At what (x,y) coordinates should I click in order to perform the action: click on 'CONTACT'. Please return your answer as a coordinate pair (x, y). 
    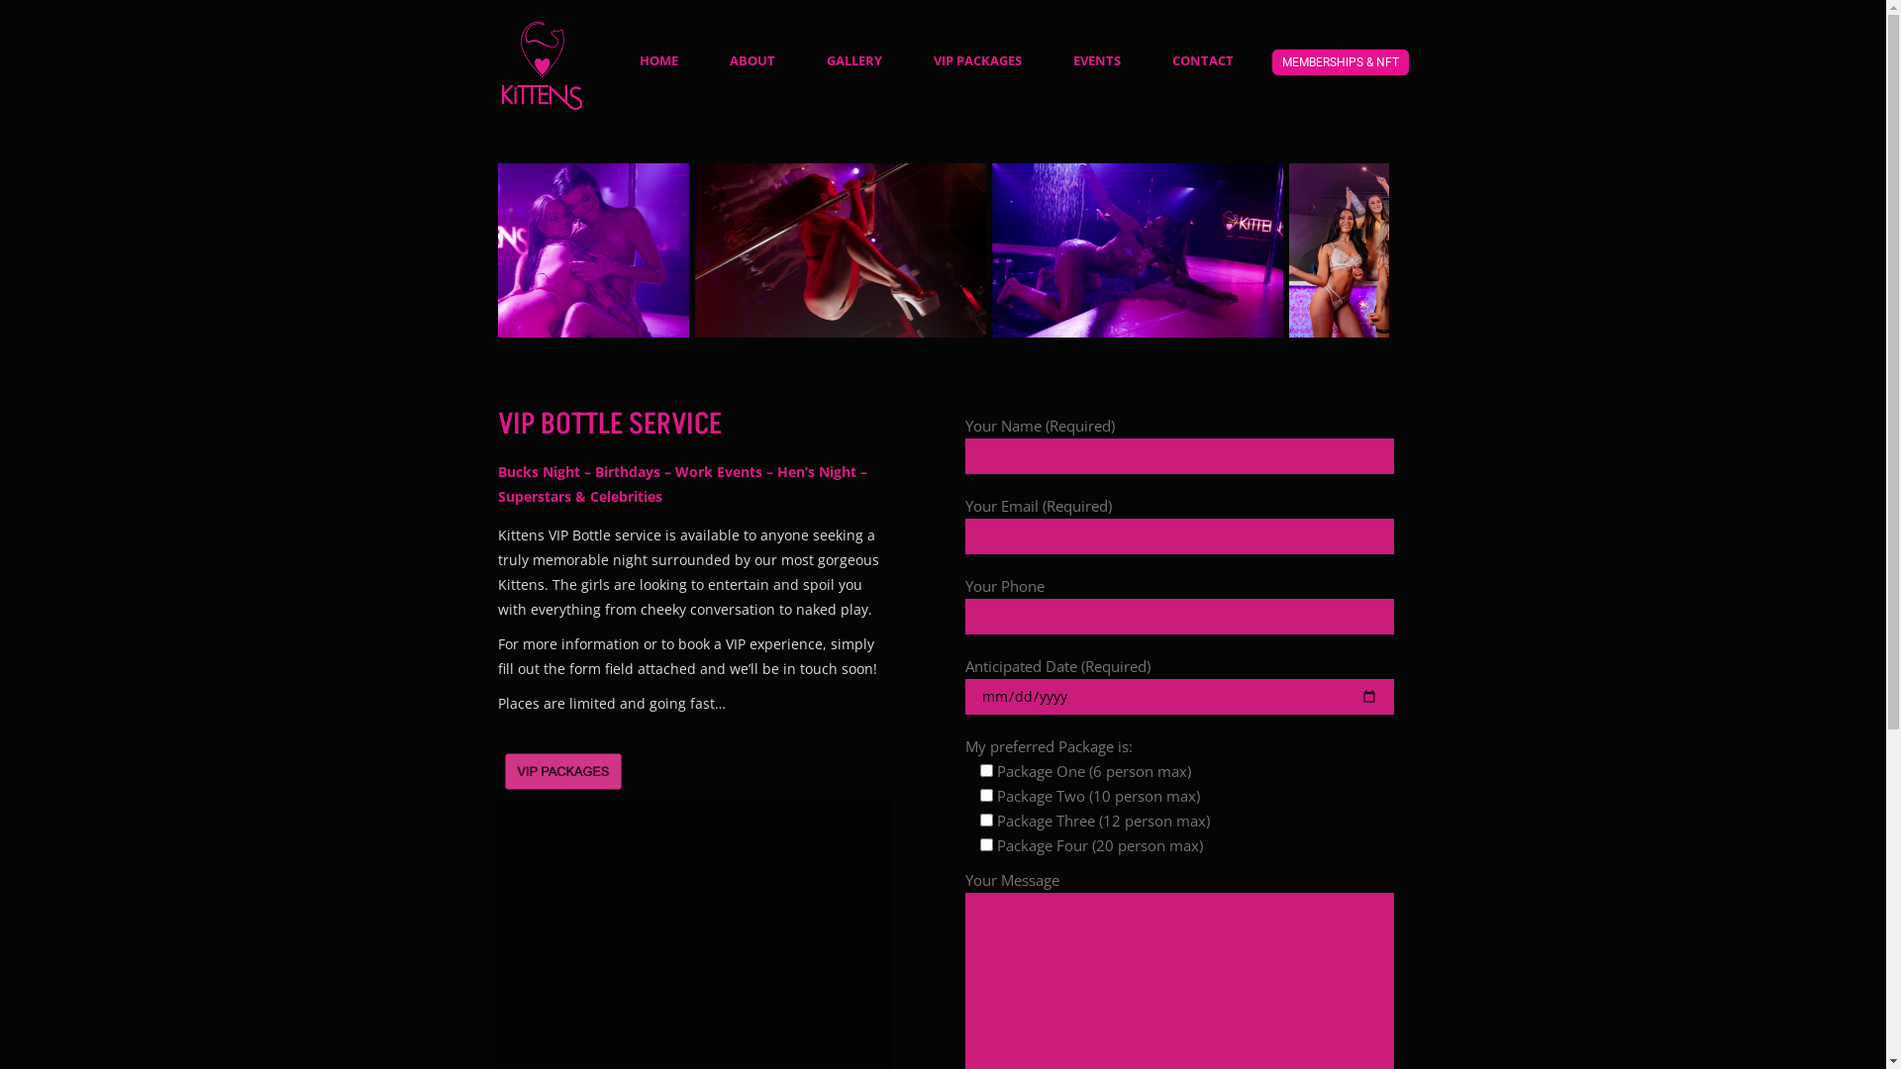
    Looking at the image, I should click on (1201, 58).